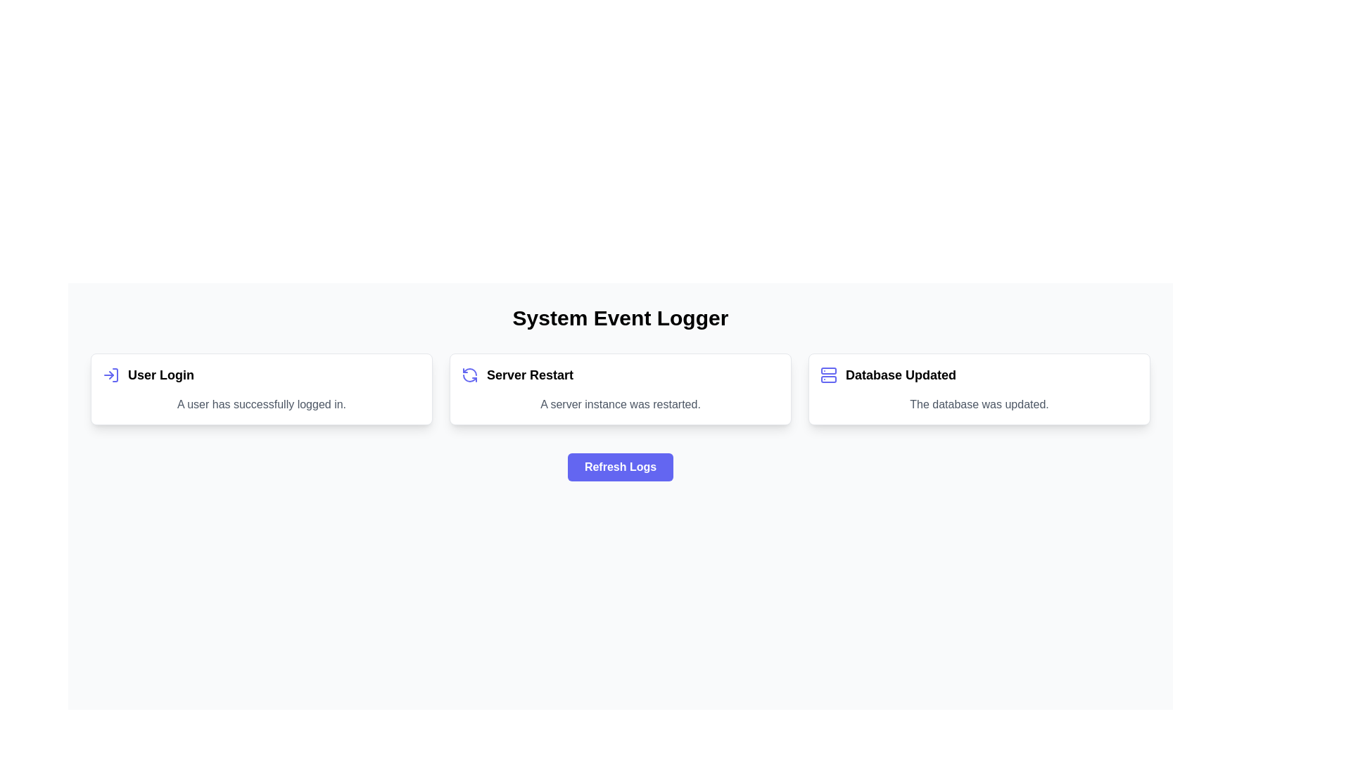 The image size is (1351, 759). Describe the element at coordinates (262, 404) in the screenshot. I see `the confirmation message static text label that indicates a successful login, positioned below the 'User Login' title and next to the log-in icon` at that location.